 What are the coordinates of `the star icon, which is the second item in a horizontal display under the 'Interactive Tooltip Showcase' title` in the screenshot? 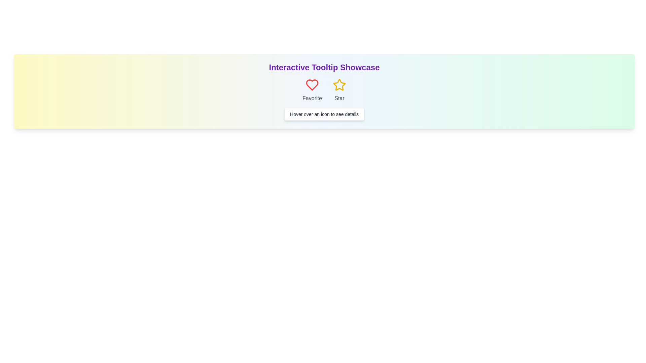 It's located at (339, 85).